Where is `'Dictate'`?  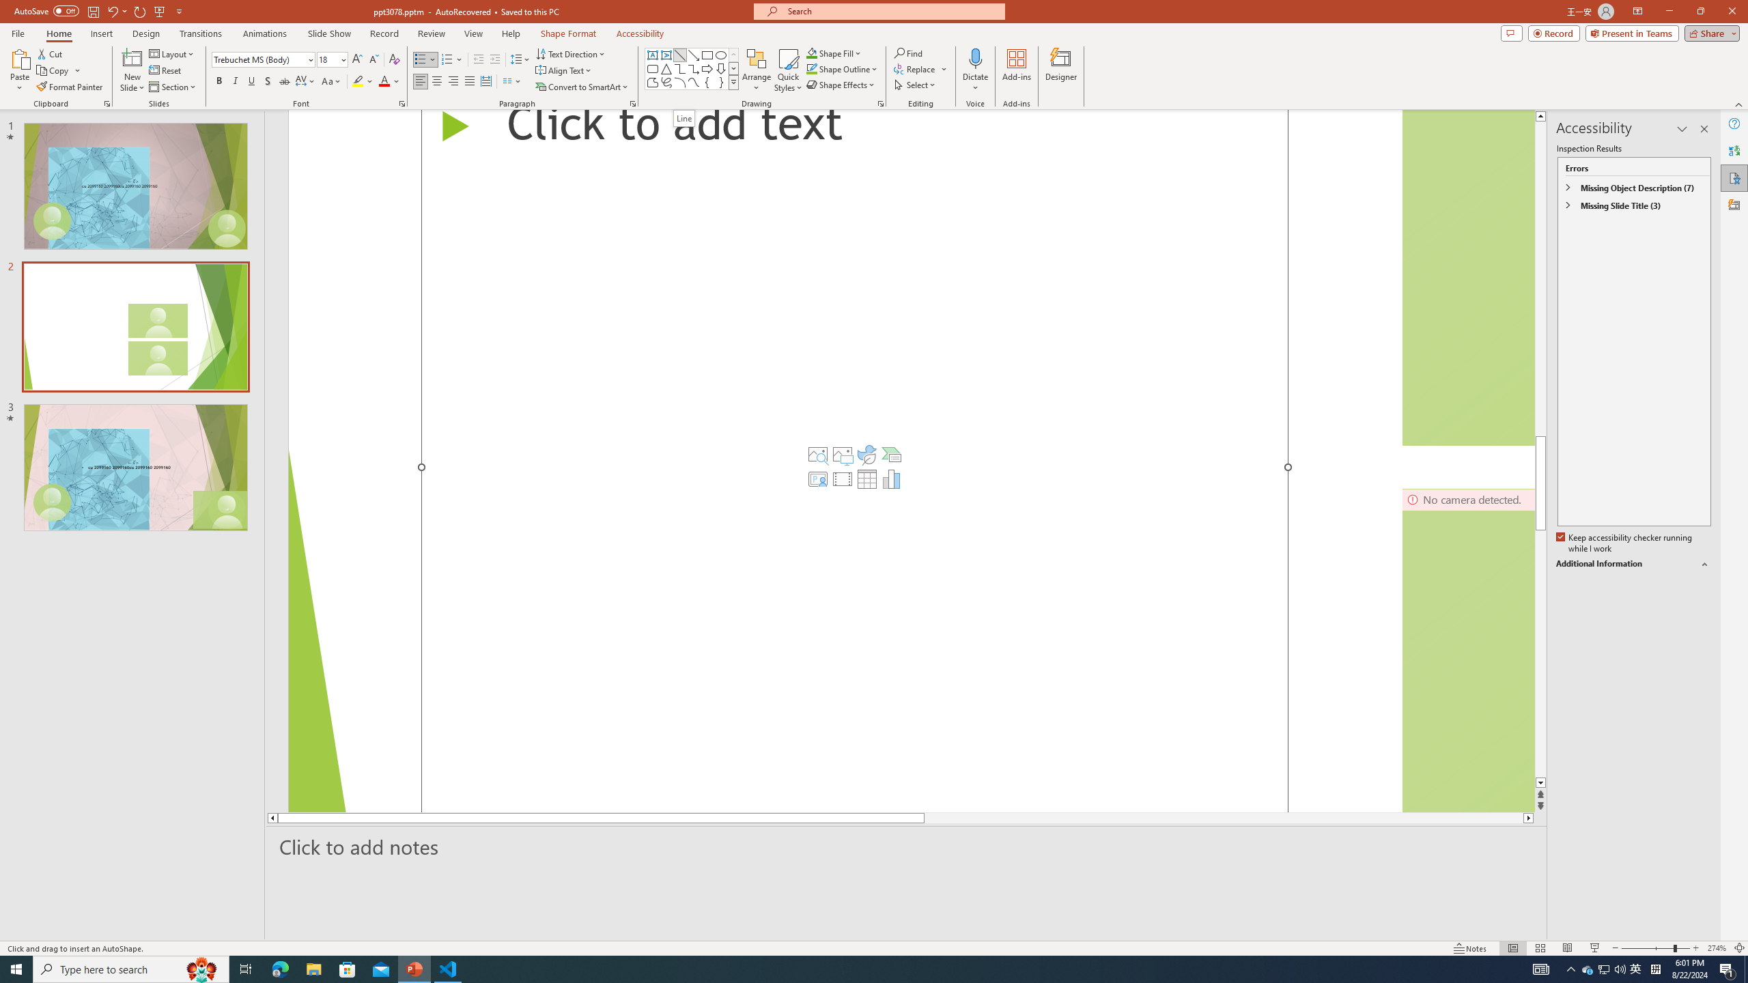 'Dictate' is located at coordinates (974, 70).